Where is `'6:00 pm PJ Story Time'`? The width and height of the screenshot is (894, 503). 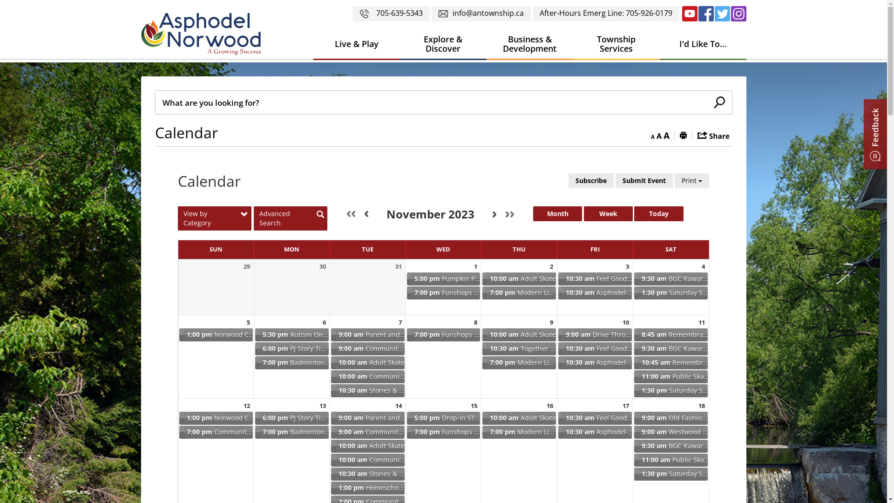
'6:00 pm PJ Story Time' is located at coordinates (291, 348).